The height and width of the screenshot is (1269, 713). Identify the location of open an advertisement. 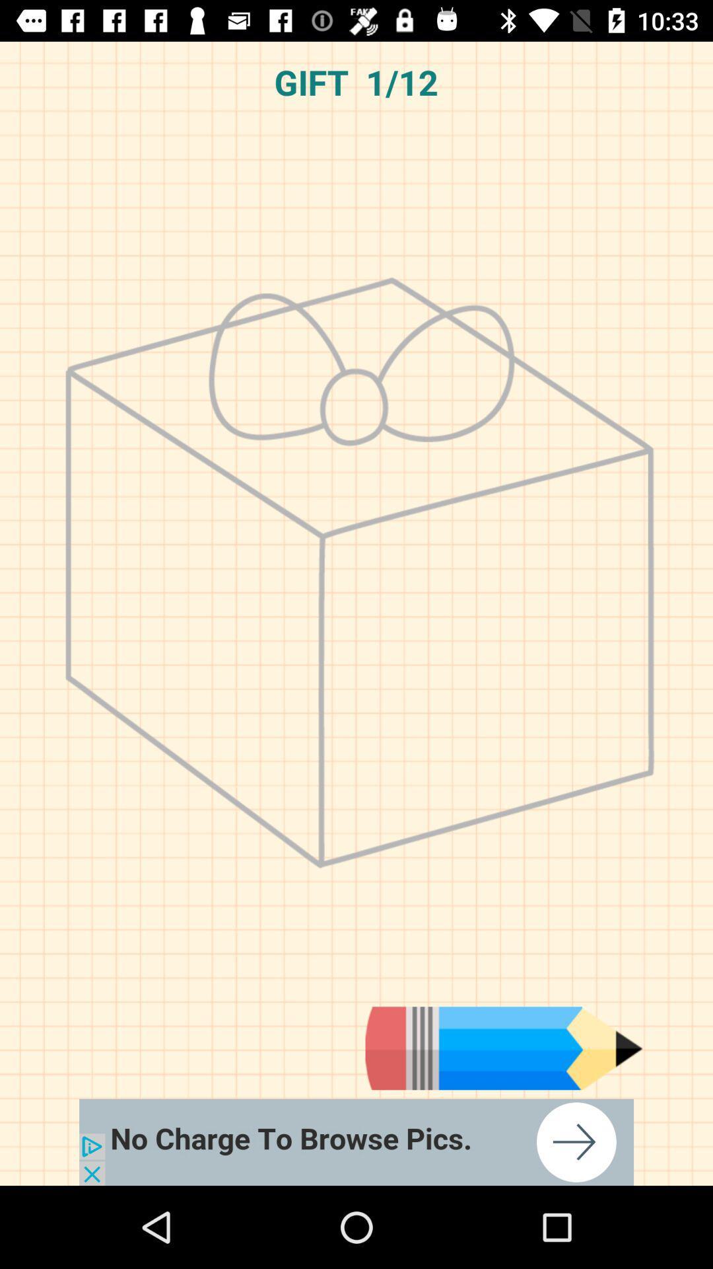
(356, 1141).